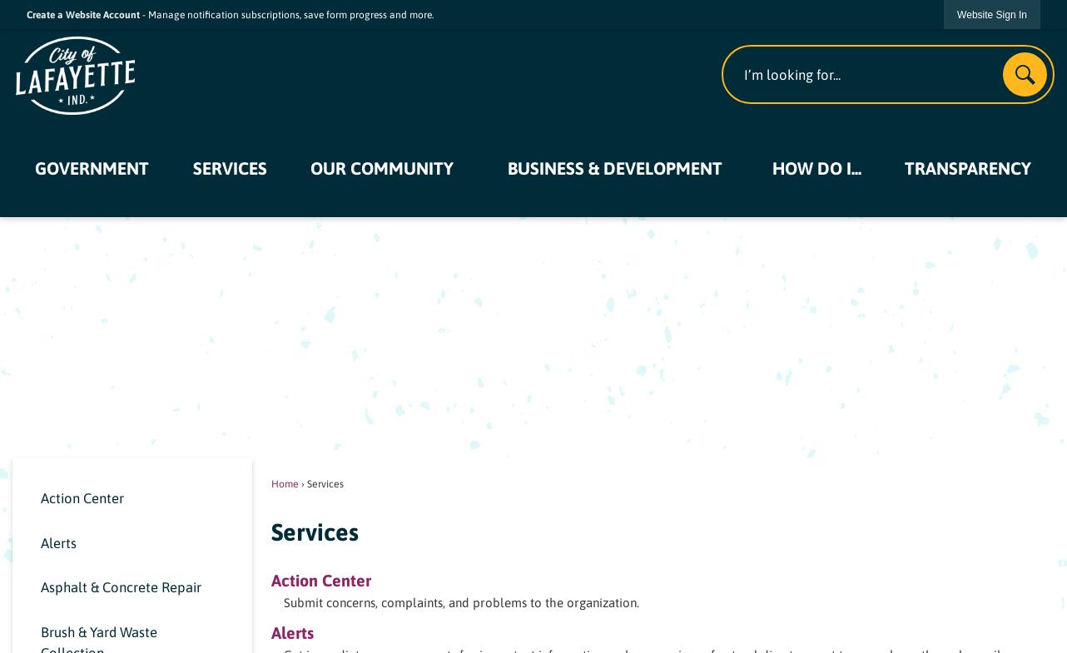  Describe the element at coordinates (614, 166) in the screenshot. I see `'Business & Development'` at that location.